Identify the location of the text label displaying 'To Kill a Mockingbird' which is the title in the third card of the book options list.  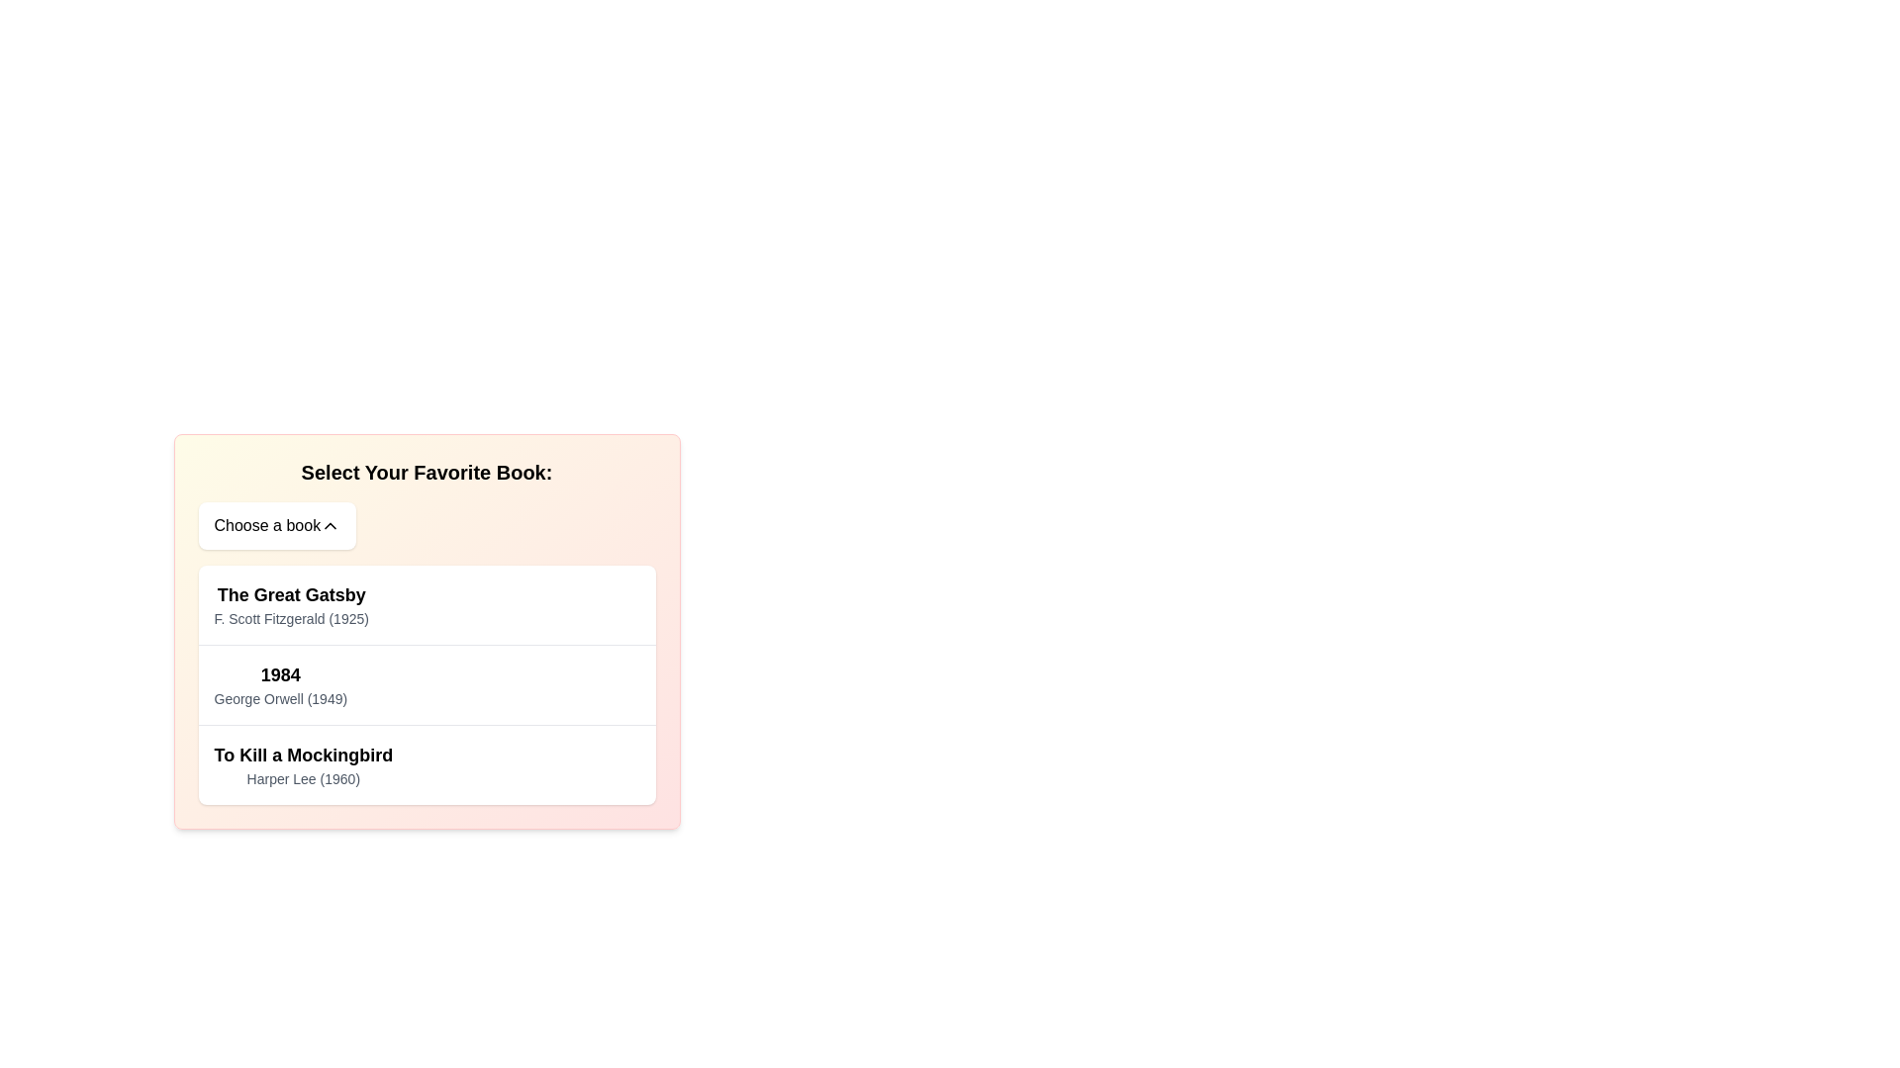
(302, 755).